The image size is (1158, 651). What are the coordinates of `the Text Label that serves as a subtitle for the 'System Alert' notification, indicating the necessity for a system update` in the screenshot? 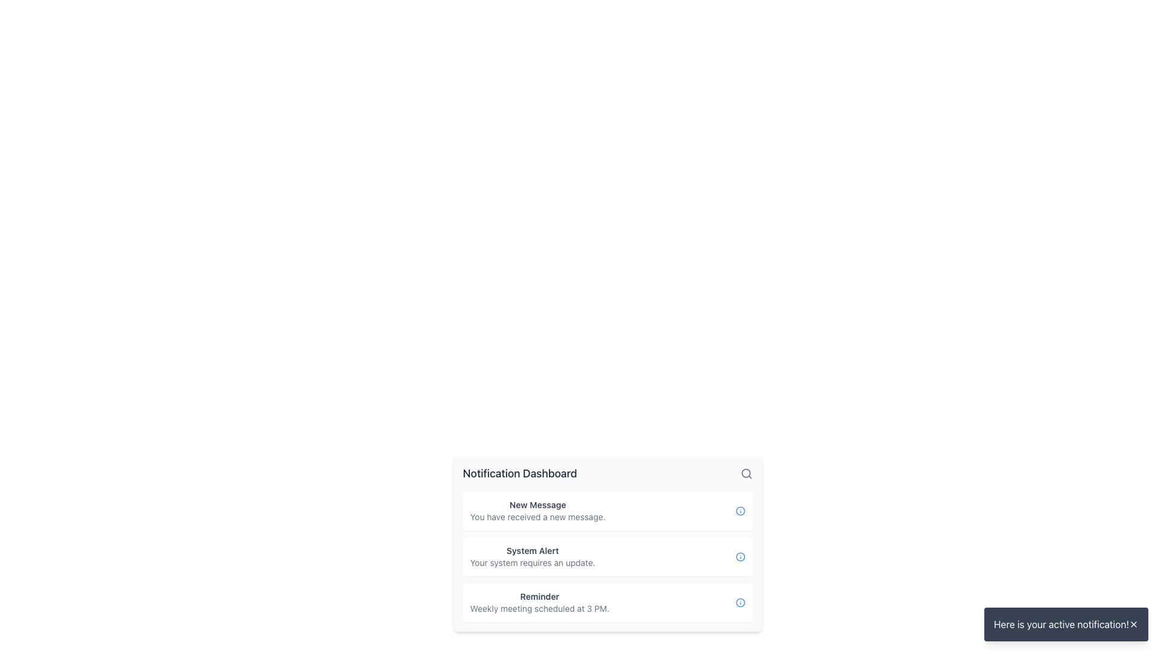 It's located at (532, 562).